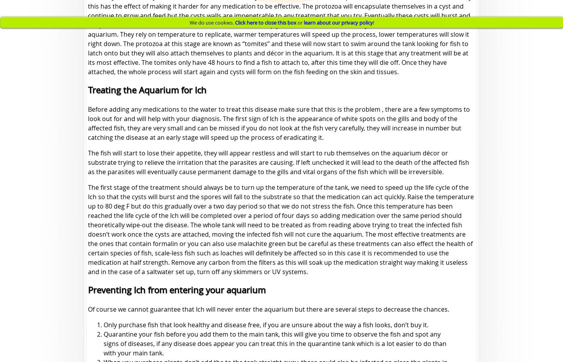 Image resolution: width=563 pixels, height=362 pixels. What do you see at coordinates (338, 22) in the screenshot?
I see `'learn about our privacy policy'` at bounding box center [338, 22].